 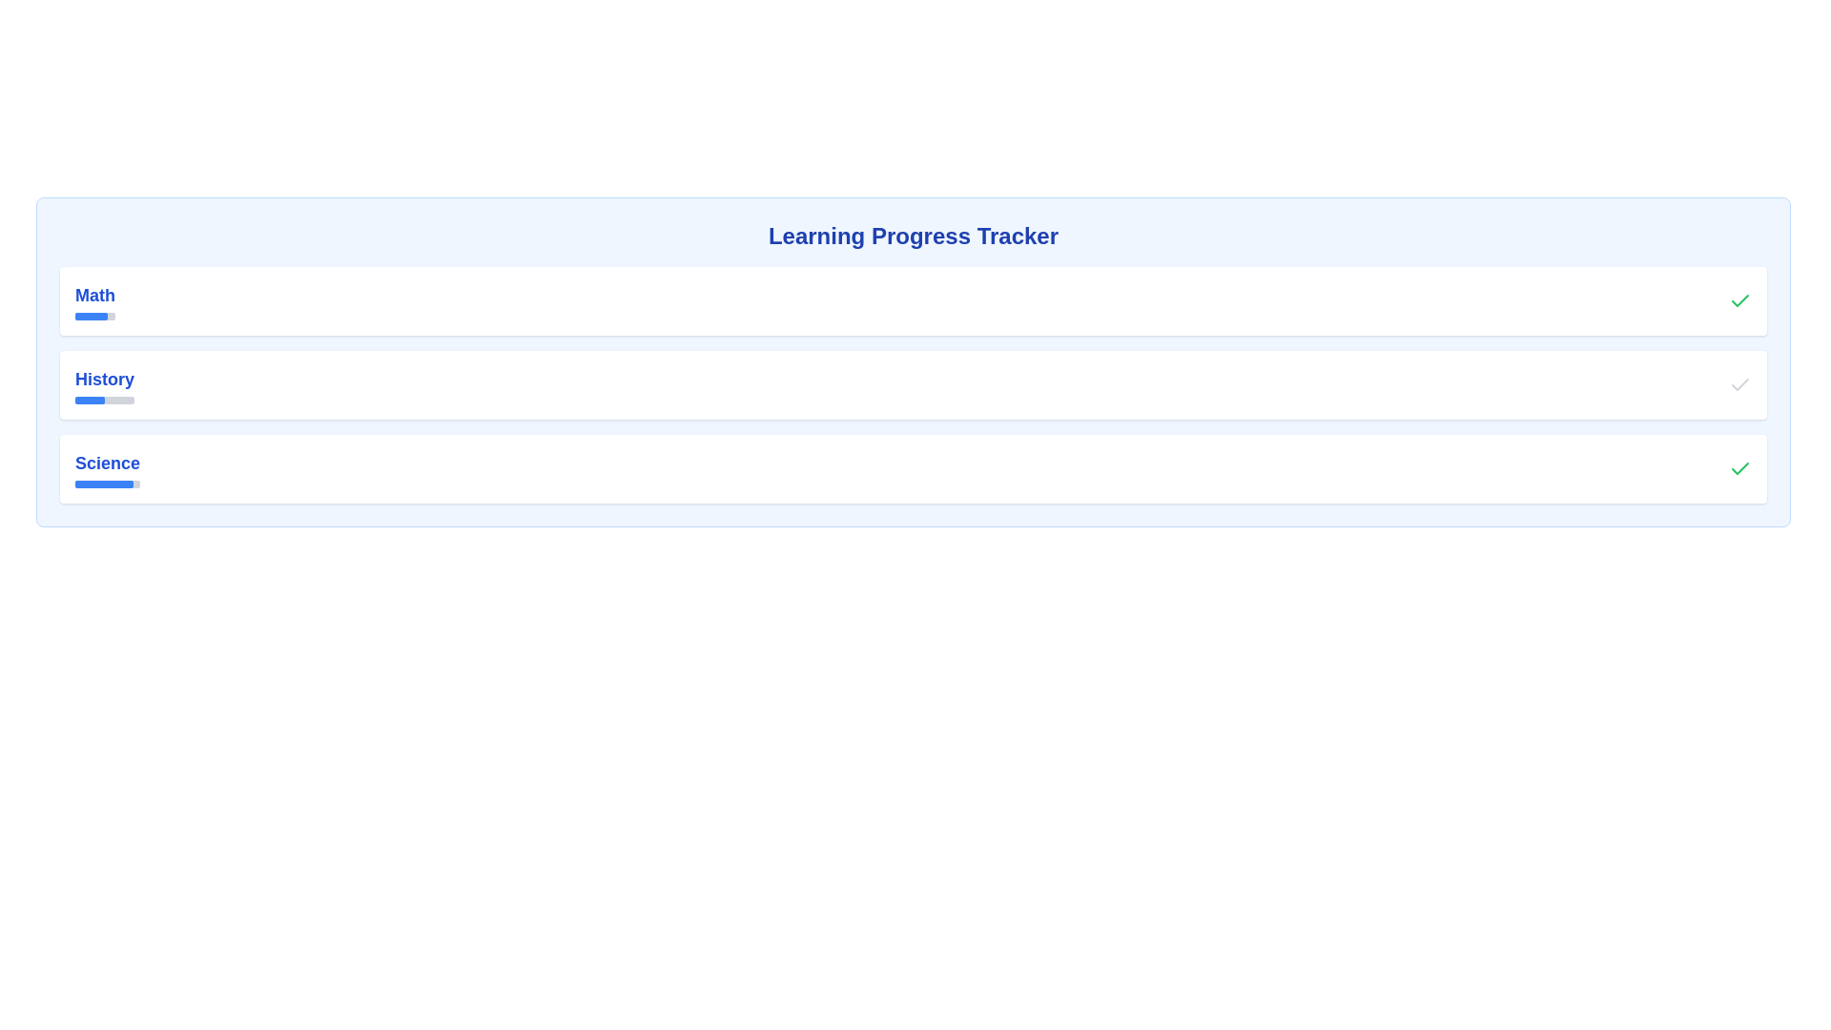 What do you see at coordinates (89, 400) in the screenshot?
I see `the completion status represented by the blue progress bar adjacent to the 'History' label` at bounding box center [89, 400].